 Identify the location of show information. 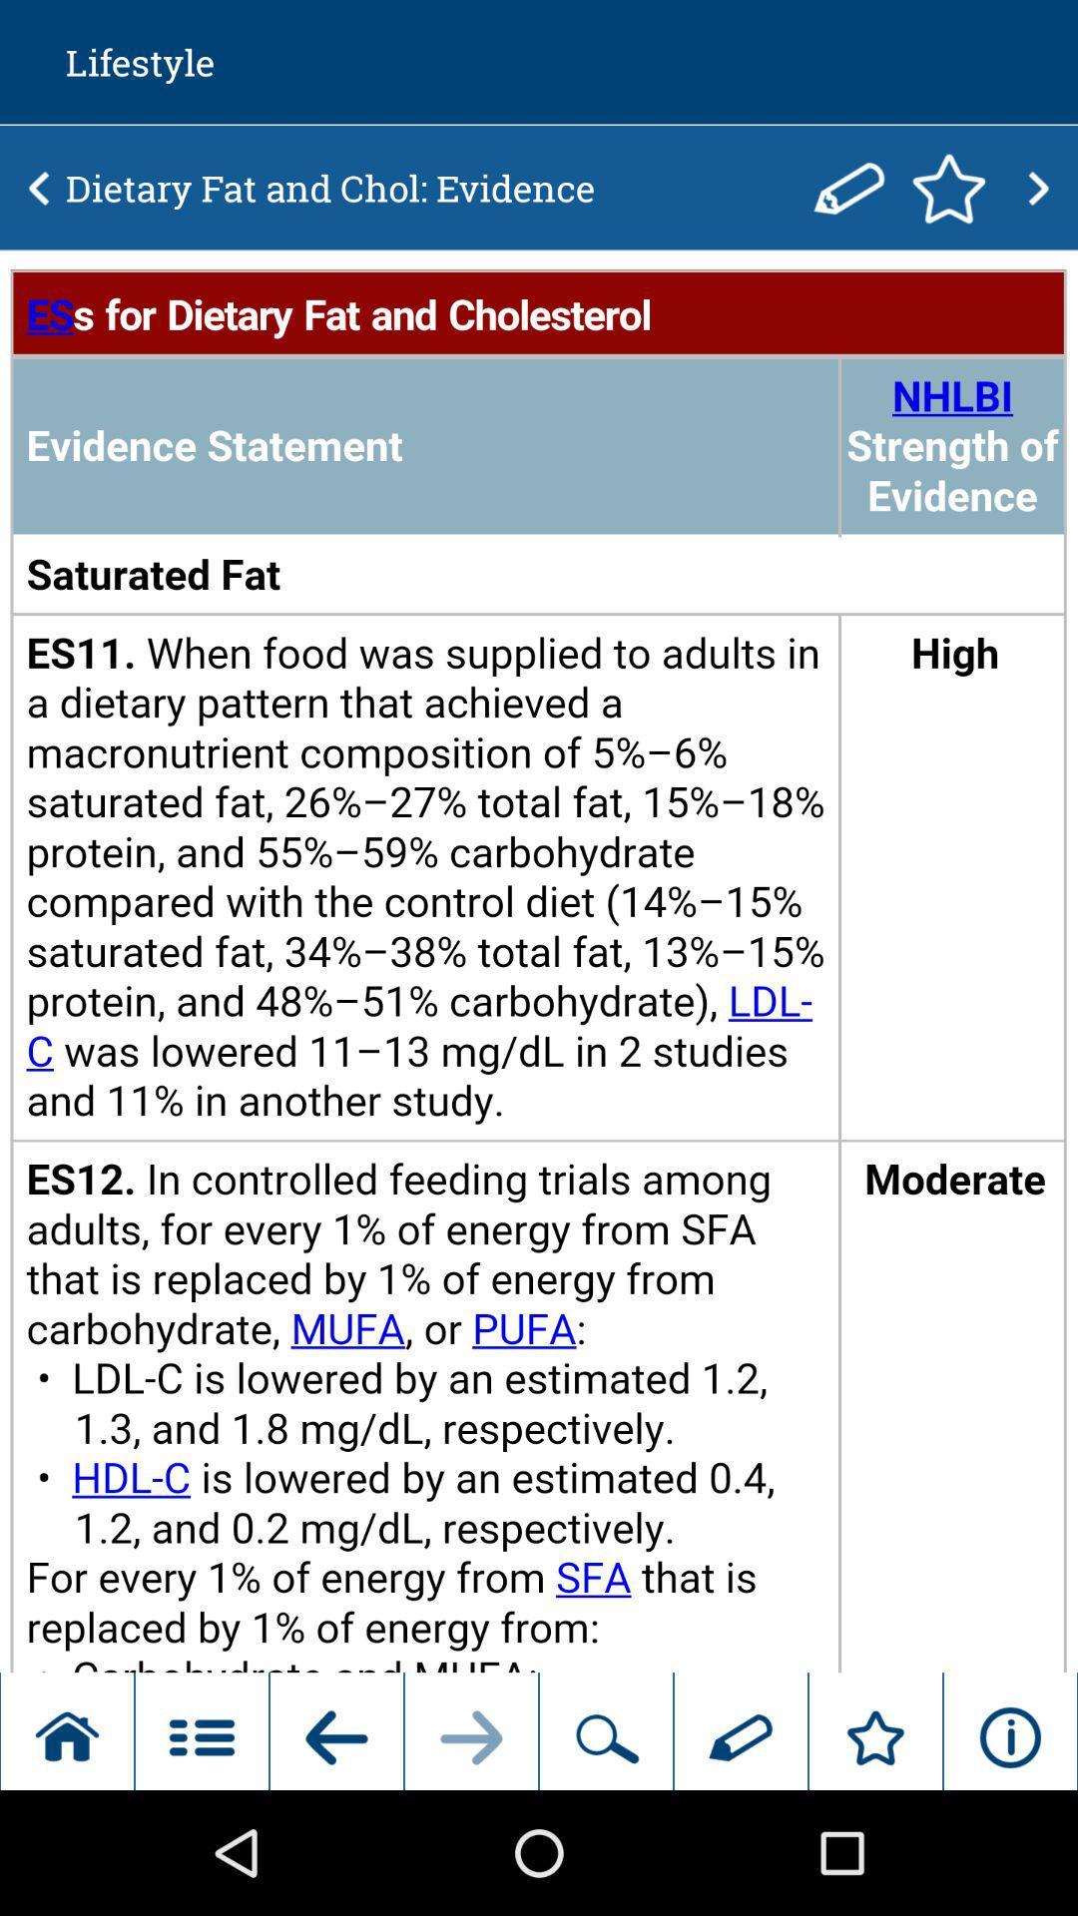
(539, 962).